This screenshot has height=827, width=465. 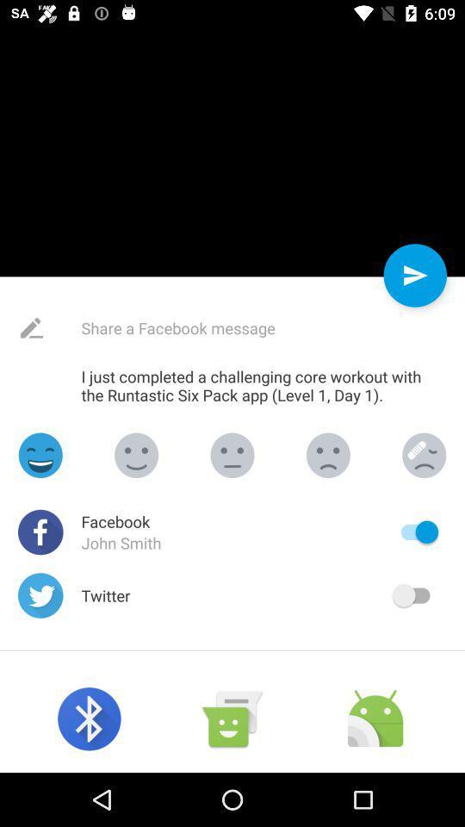 What do you see at coordinates (423, 454) in the screenshot?
I see `smile selection` at bounding box center [423, 454].